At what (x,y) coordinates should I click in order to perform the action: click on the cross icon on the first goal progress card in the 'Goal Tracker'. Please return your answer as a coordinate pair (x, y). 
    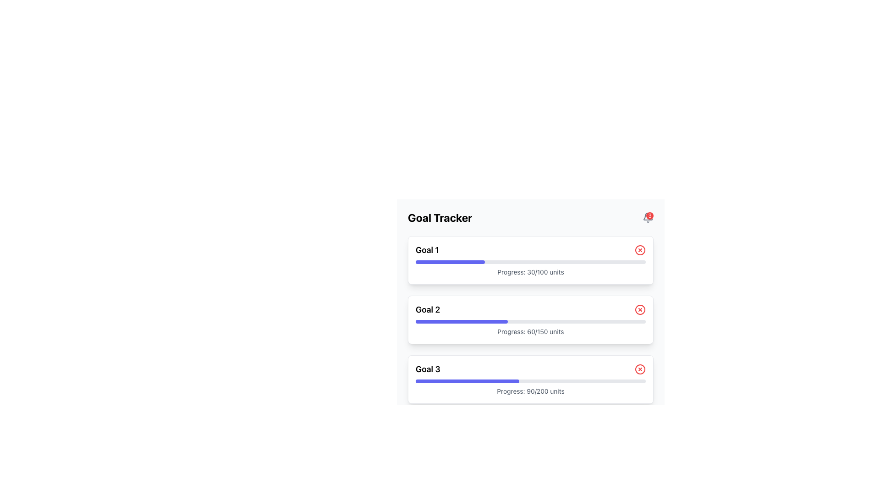
    Looking at the image, I should click on (530, 260).